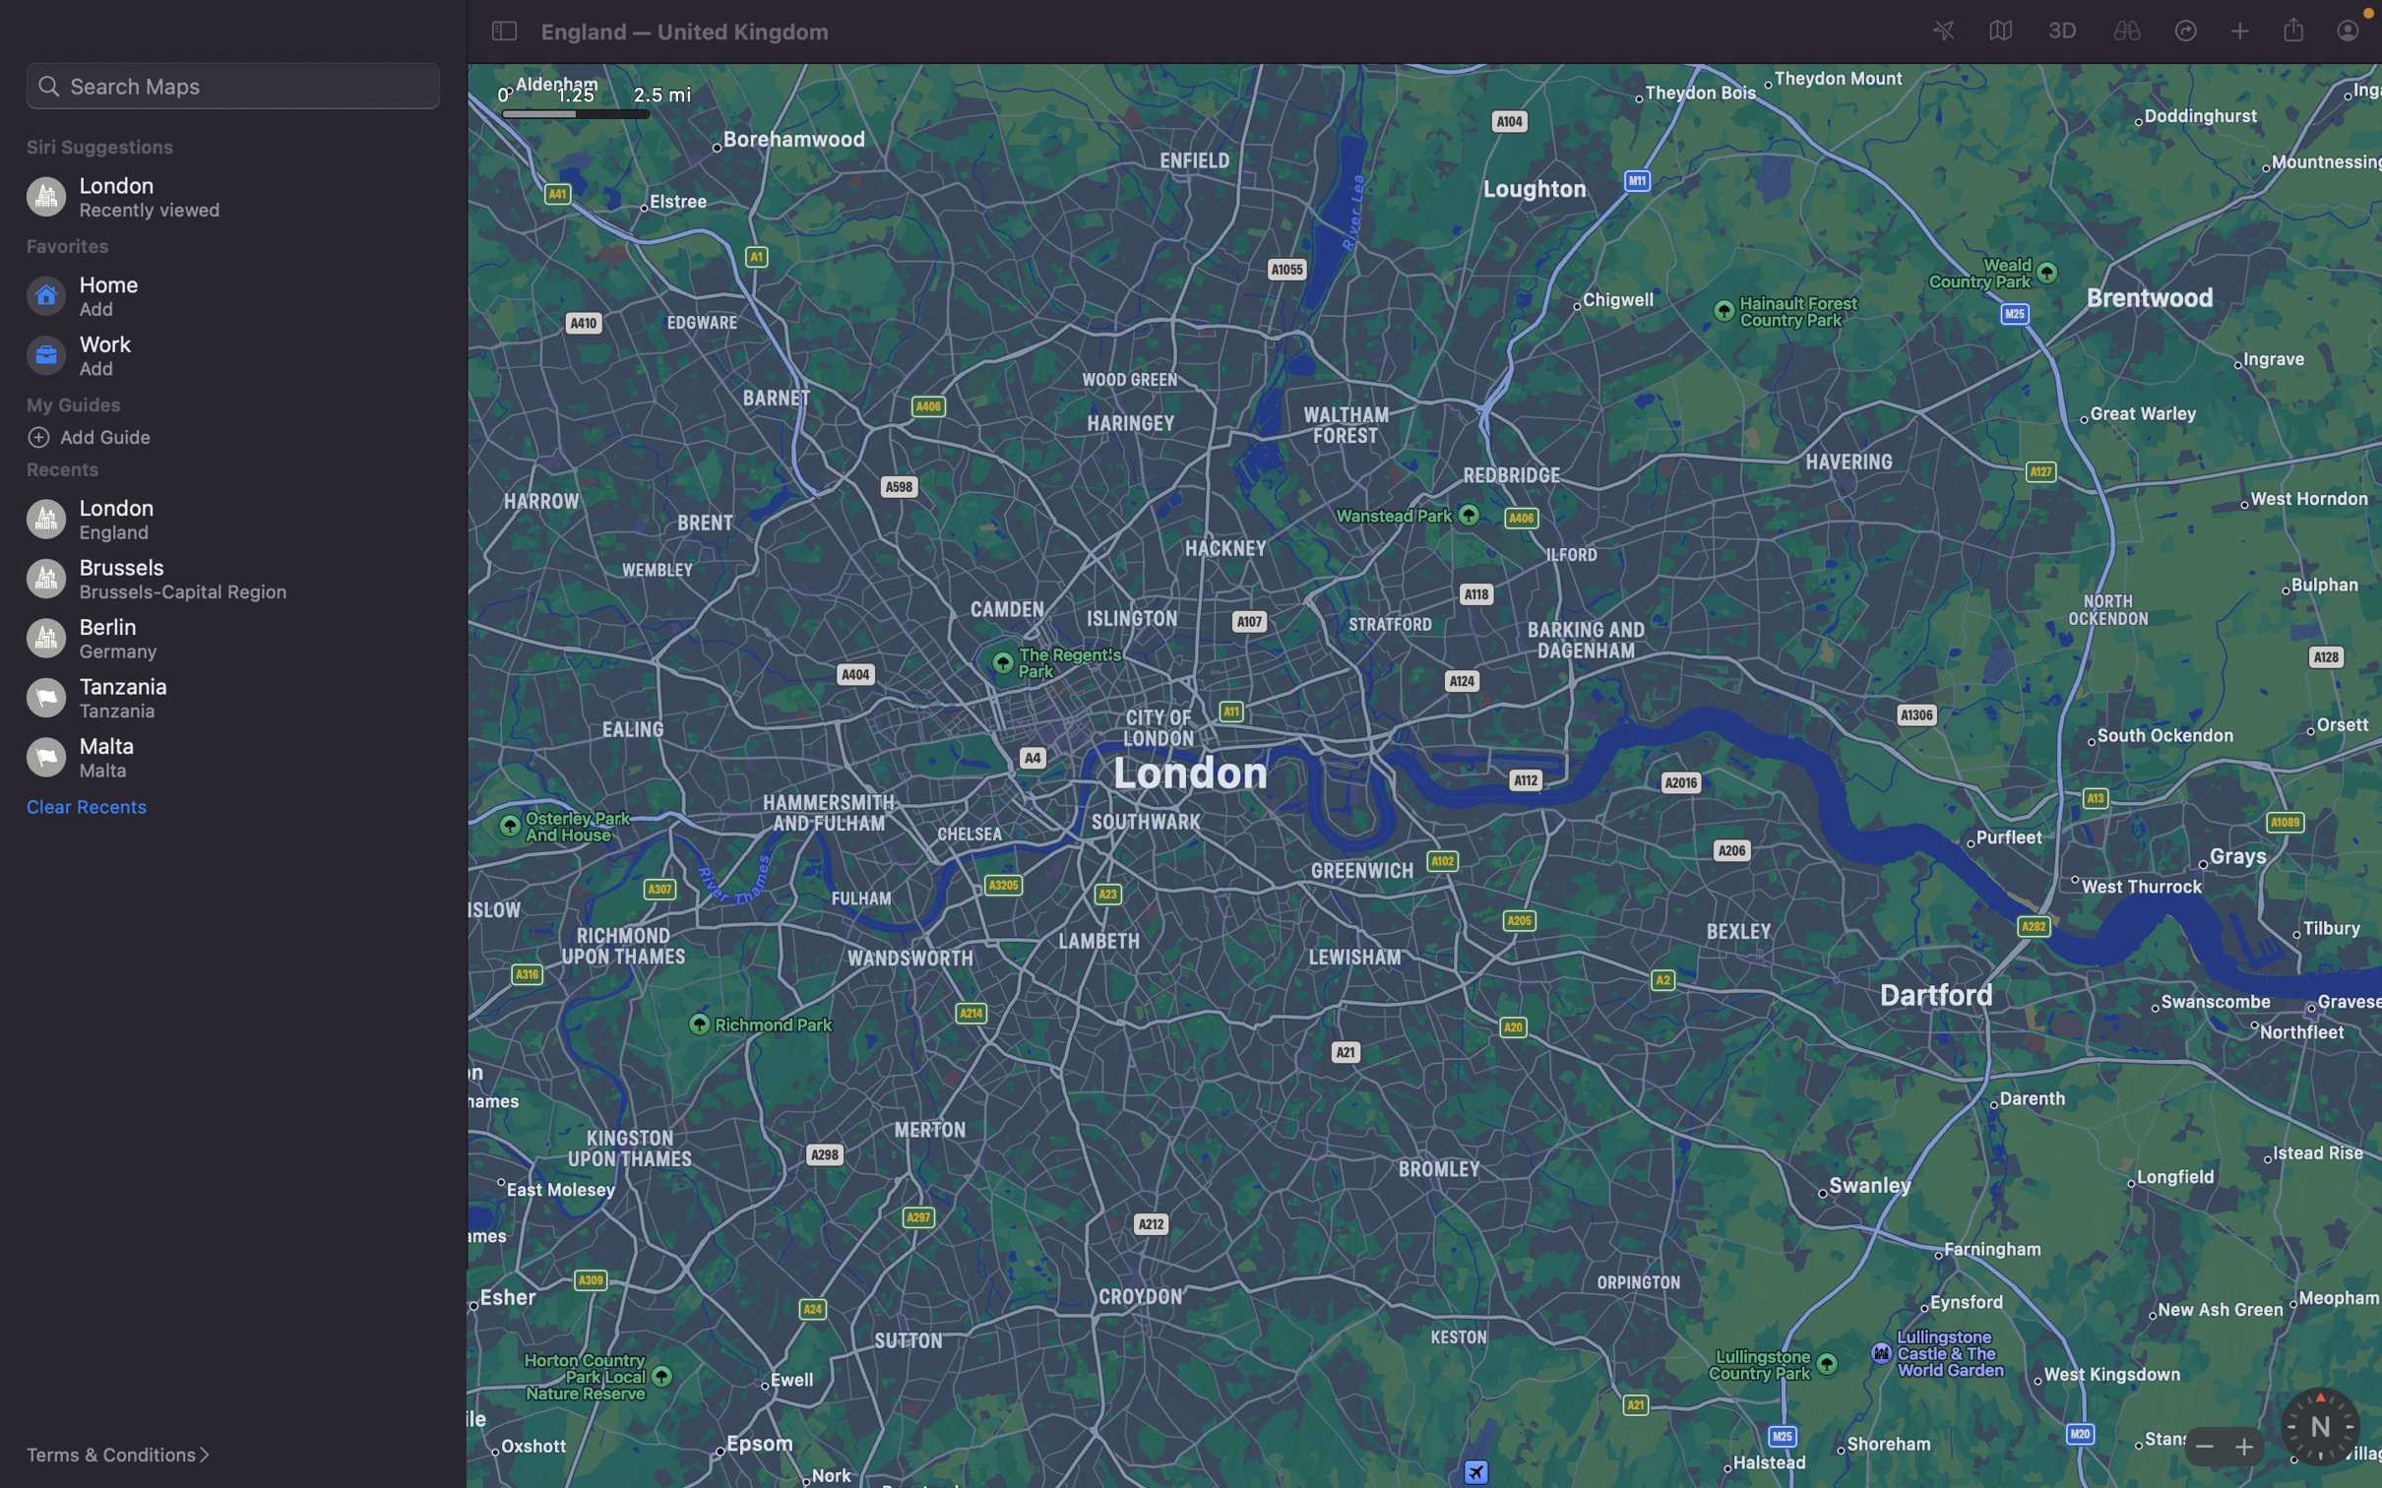 The image size is (2382, 1488). Describe the element at coordinates (2202, 1445) in the screenshot. I see `Minimize map"s view scale` at that location.